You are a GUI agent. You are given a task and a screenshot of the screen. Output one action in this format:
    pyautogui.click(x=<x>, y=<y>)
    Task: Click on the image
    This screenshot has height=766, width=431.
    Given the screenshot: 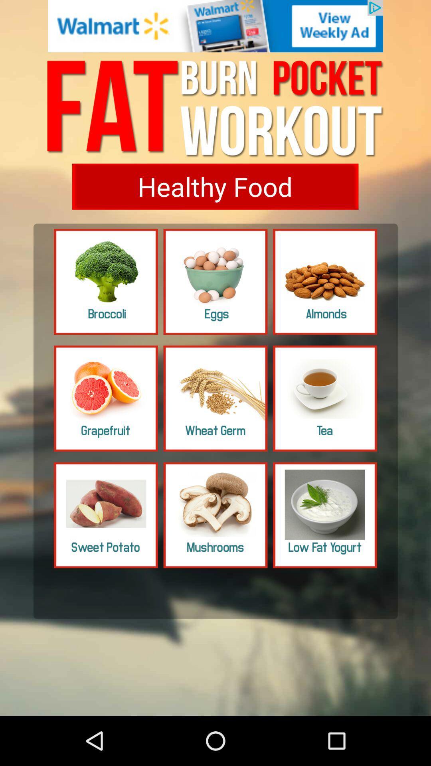 What is the action you would take?
    pyautogui.click(x=325, y=398)
    